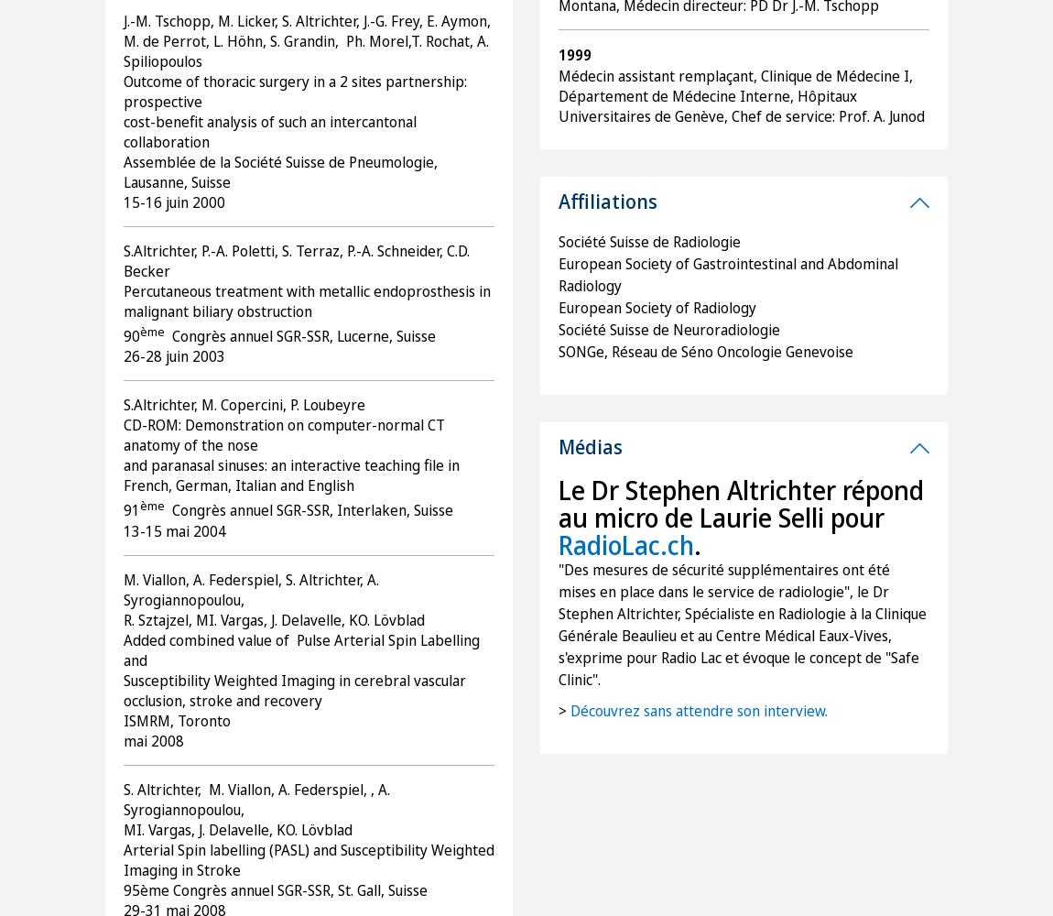 The image size is (1053, 916). I want to click on 'RadioLac.ch', so click(625, 544).